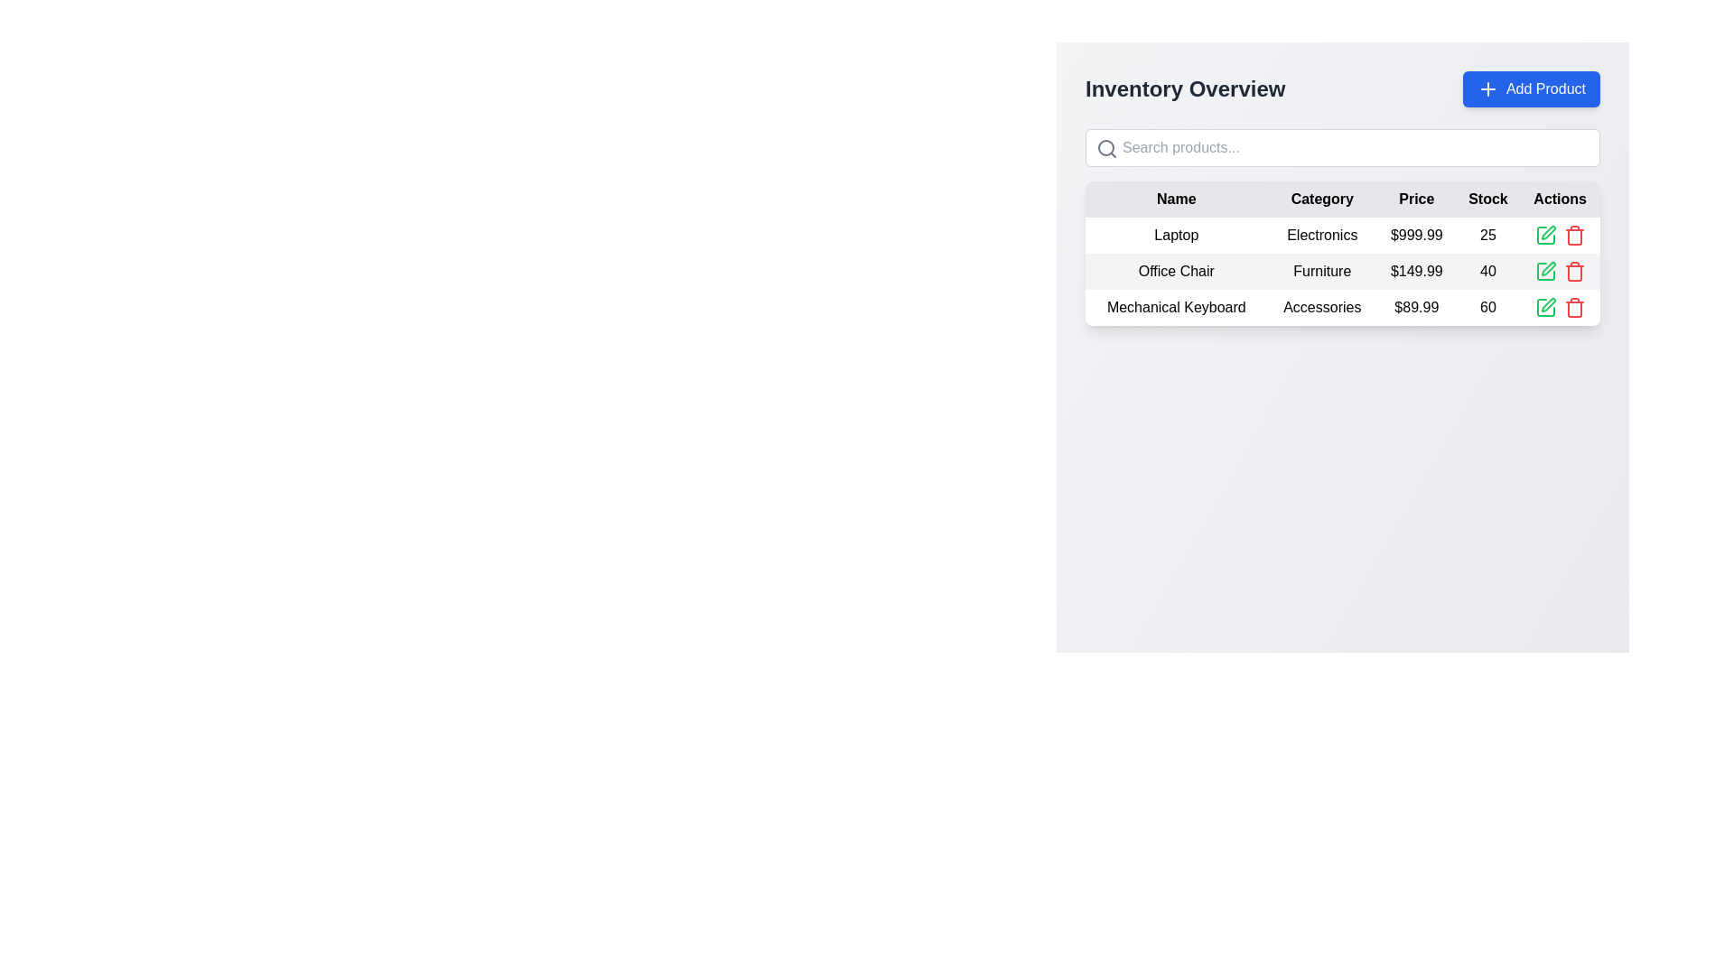  I want to click on the static text label 'Accessories' located in the 'Category' column of the table, which is positioned between 'Mechanical Keyboard' and '$89.99', so click(1322, 306).